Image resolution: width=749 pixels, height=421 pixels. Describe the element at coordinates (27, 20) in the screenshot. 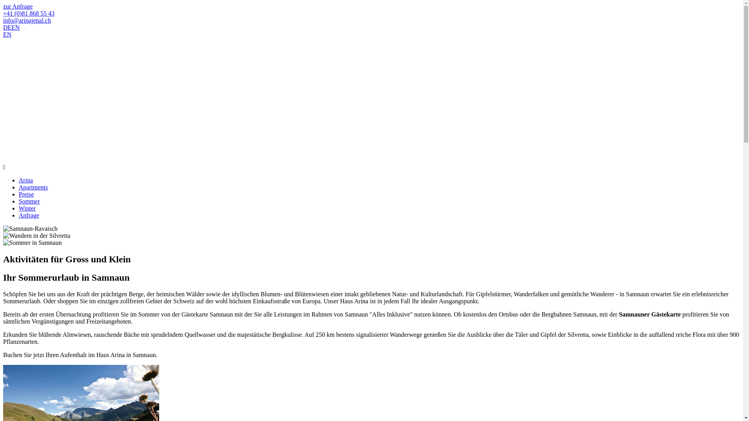

I see `'info@arinajenal.ch'` at that location.